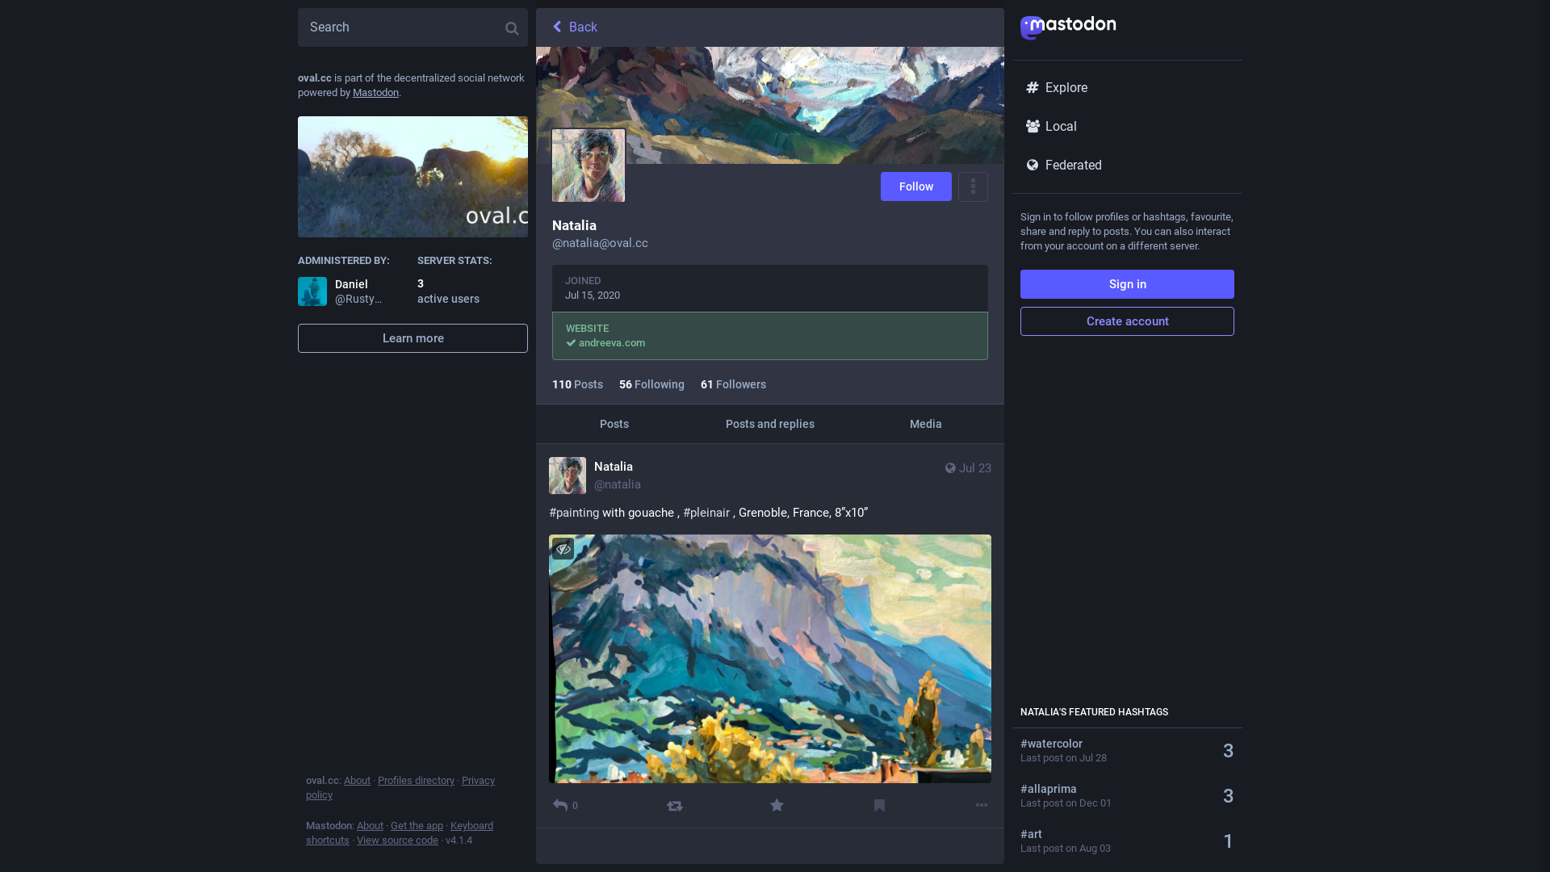  Describe the element at coordinates (376, 779) in the screenshot. I see `'Profiles directory'` at that location.